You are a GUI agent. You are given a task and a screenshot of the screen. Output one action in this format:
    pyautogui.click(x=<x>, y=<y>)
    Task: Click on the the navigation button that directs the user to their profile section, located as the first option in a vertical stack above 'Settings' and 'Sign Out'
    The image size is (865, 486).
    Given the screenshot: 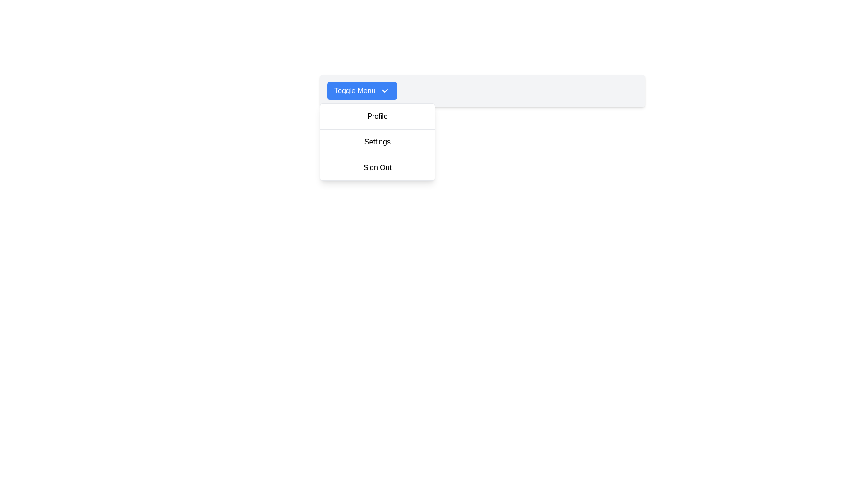 What is the action you would take?
    pyautogui.click(x=378, y=116)
    